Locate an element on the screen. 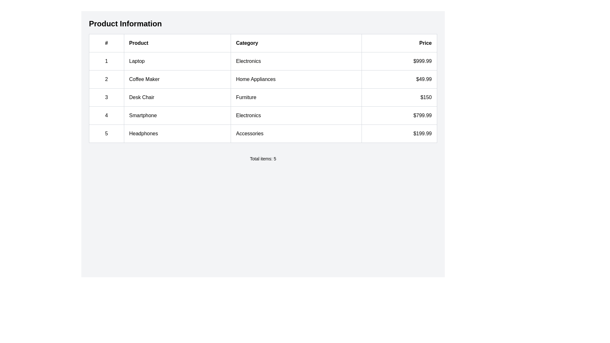  the fourth row in the product data table that displays the product's rank, name, category, and price, located between '3 Desk Chair Furniture $150' and '5 Headphones Accessories $199.99' is located at coordinates (263, 115).